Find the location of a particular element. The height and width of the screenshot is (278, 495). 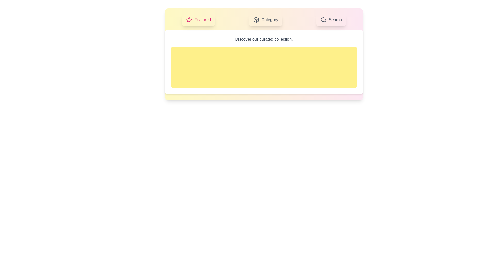

the Category tab is located at coordinates (266, 20).